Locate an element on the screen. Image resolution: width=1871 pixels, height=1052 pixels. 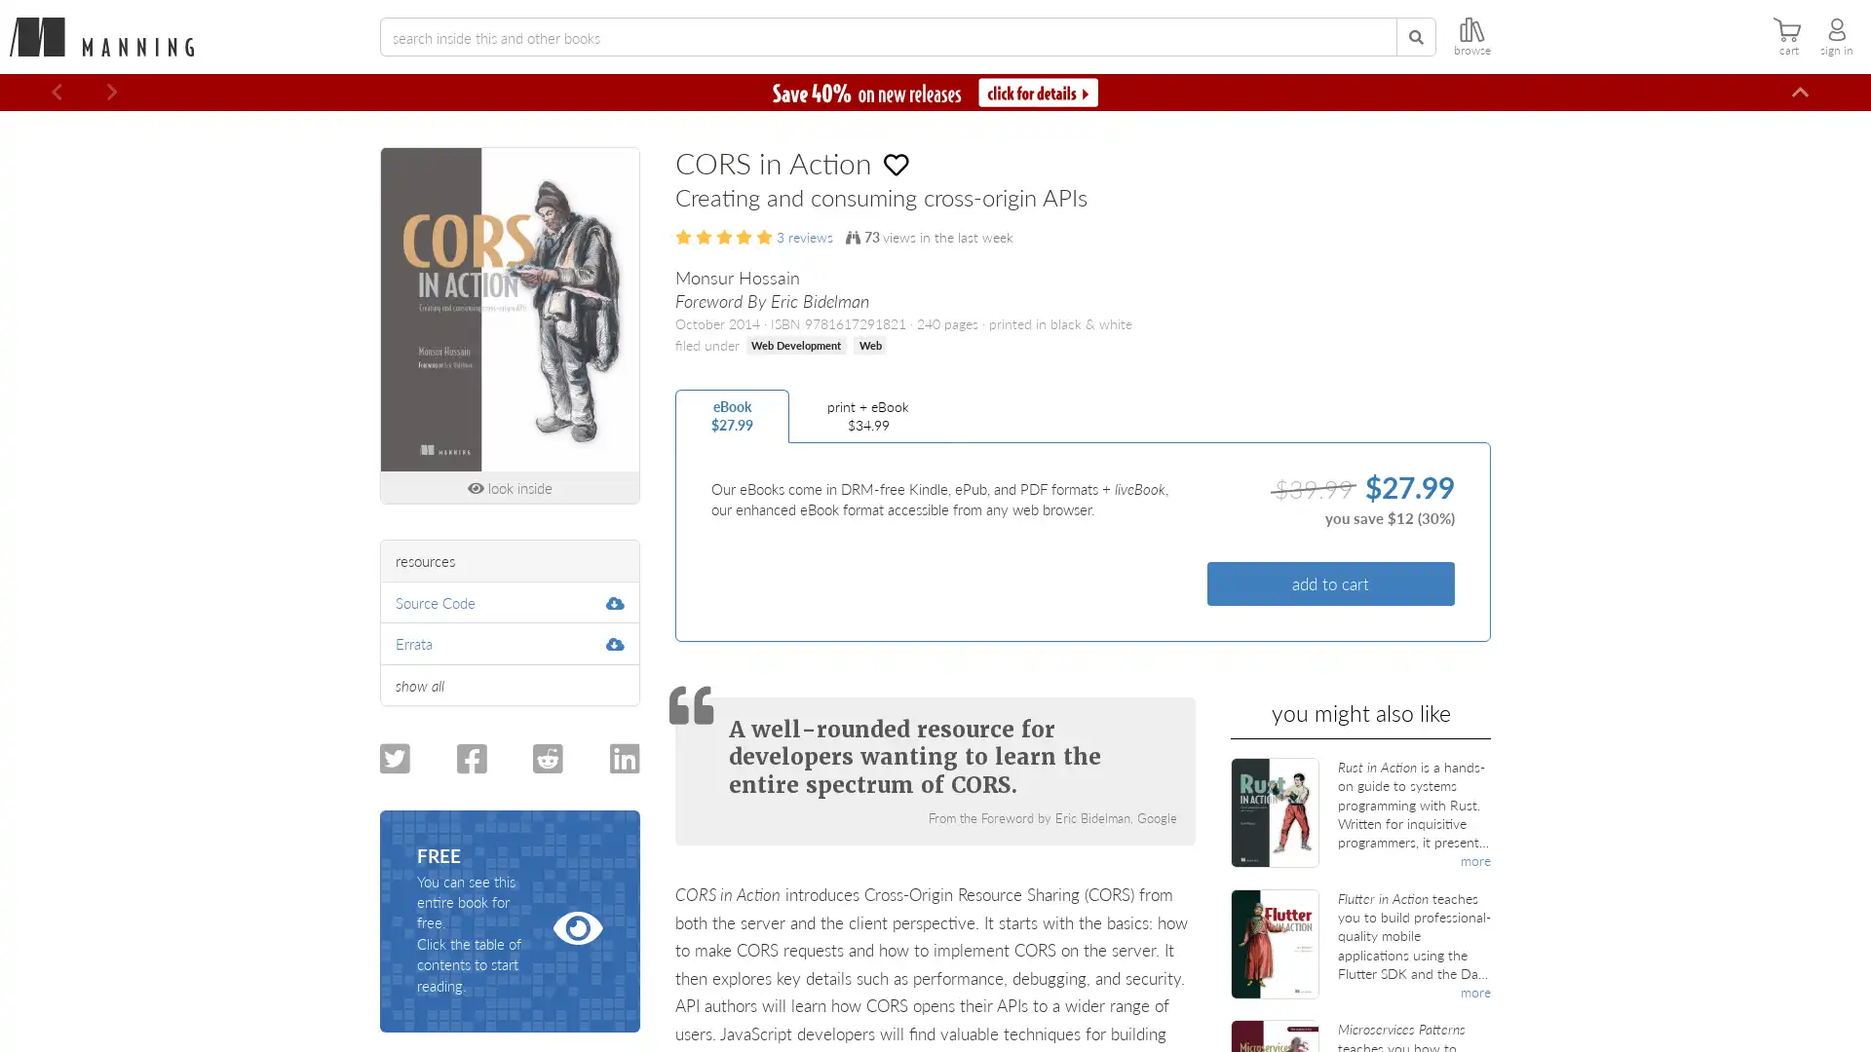
Next is located at coordinates (111, 93).